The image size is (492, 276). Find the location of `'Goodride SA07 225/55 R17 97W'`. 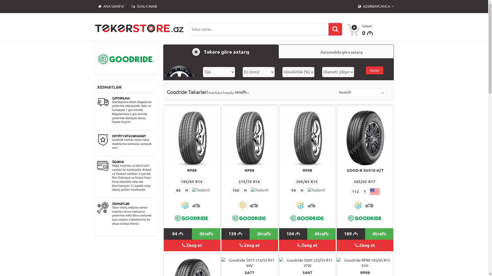

'Goodride SA07 225/55 R17 97W' is located at coordinates (307, 263).